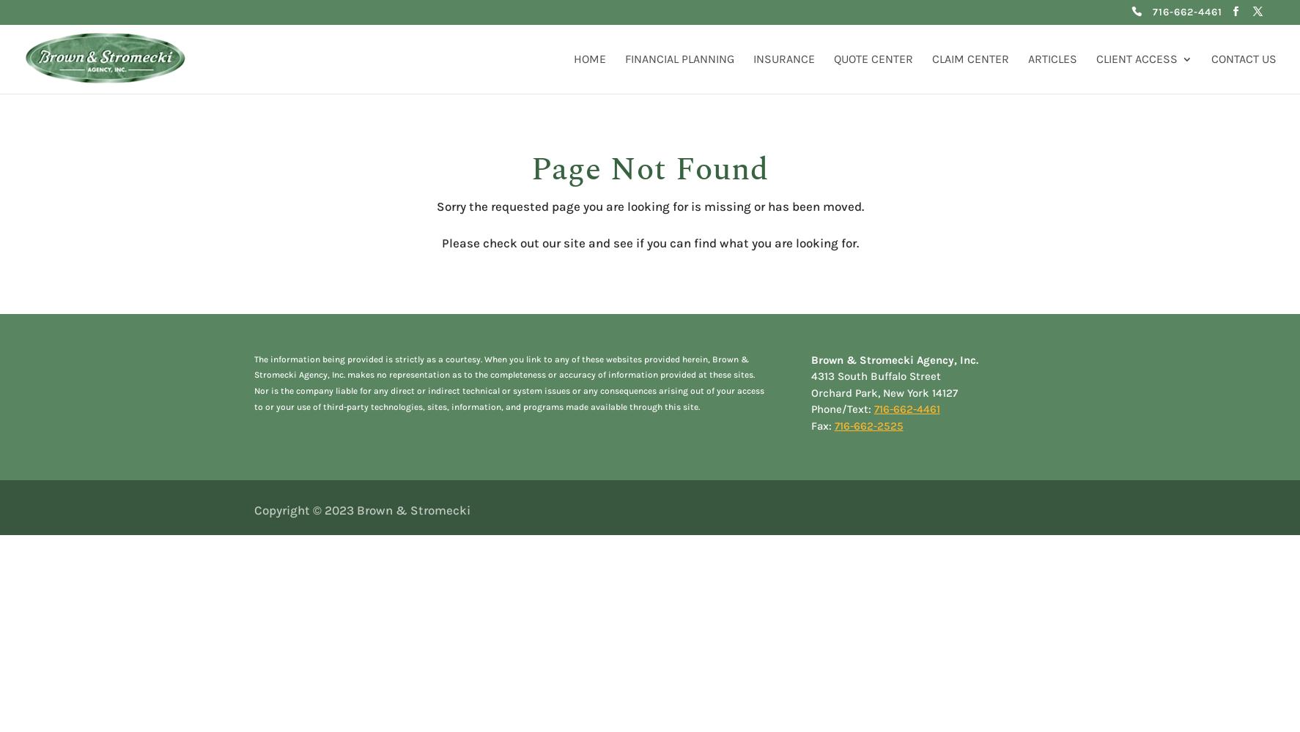  Describe the element at coordinates (1052, 58) in the screenshot. I see `'Articles'` at that location.